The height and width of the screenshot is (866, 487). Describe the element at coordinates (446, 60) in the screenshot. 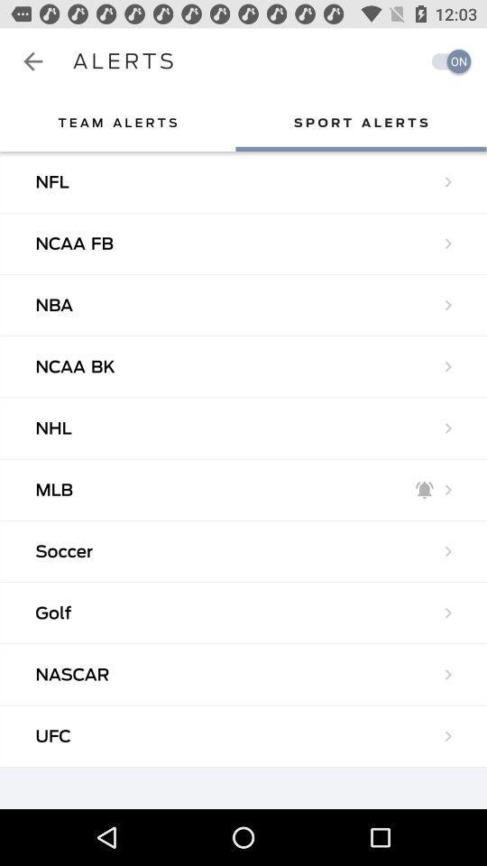

I see `switch over button` at that location.